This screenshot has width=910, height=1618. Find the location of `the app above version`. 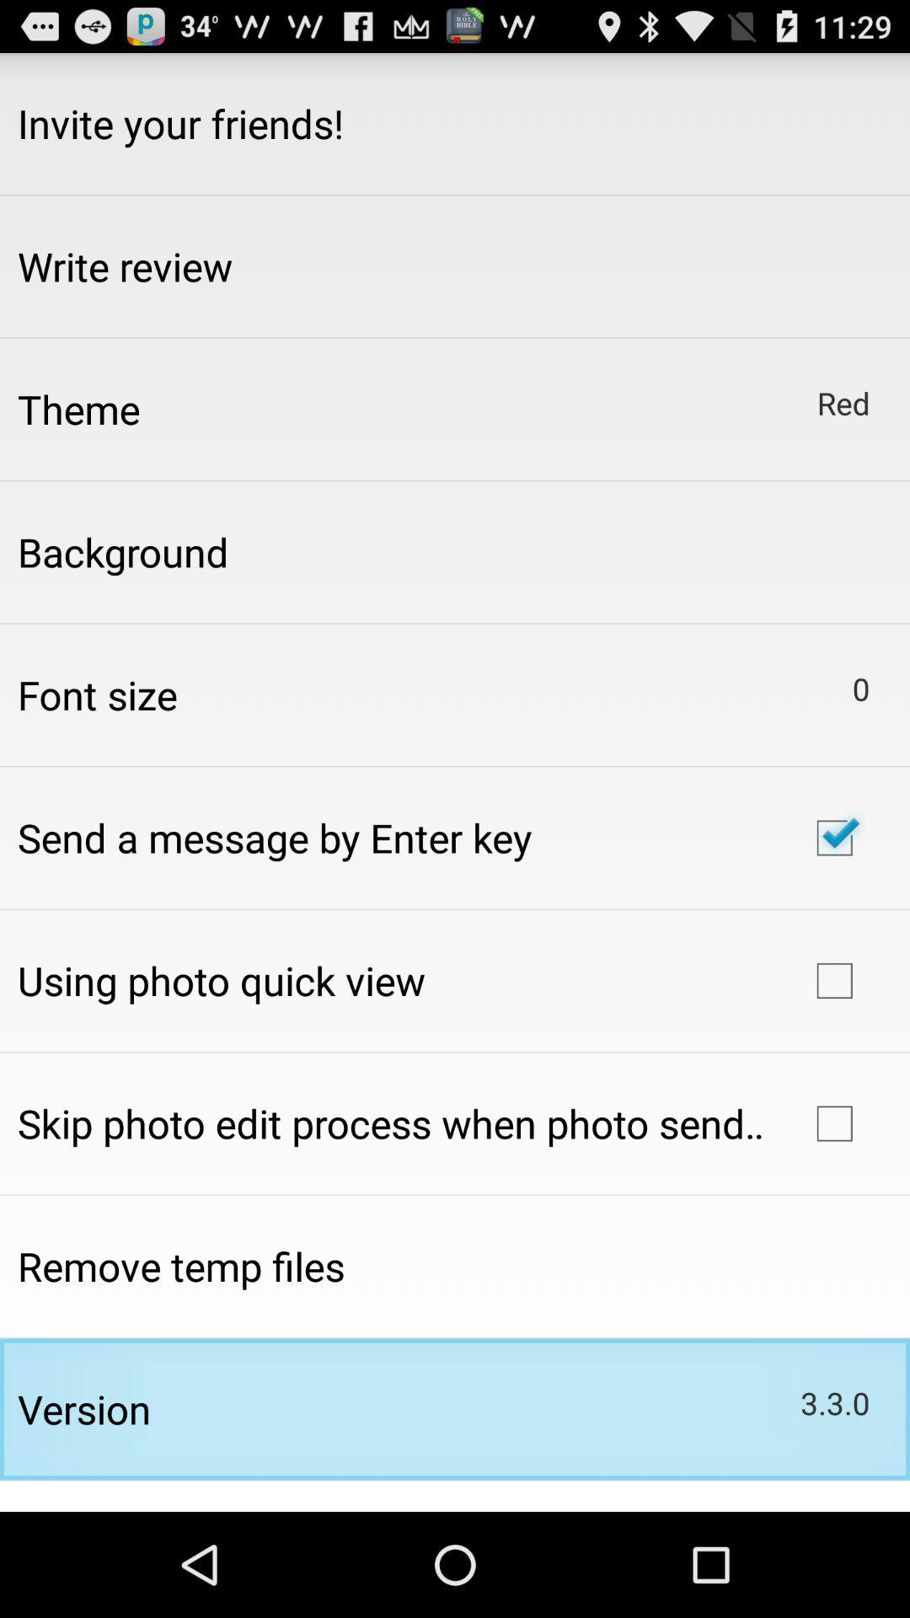

the app above version is located at coordinates (181, 1266).